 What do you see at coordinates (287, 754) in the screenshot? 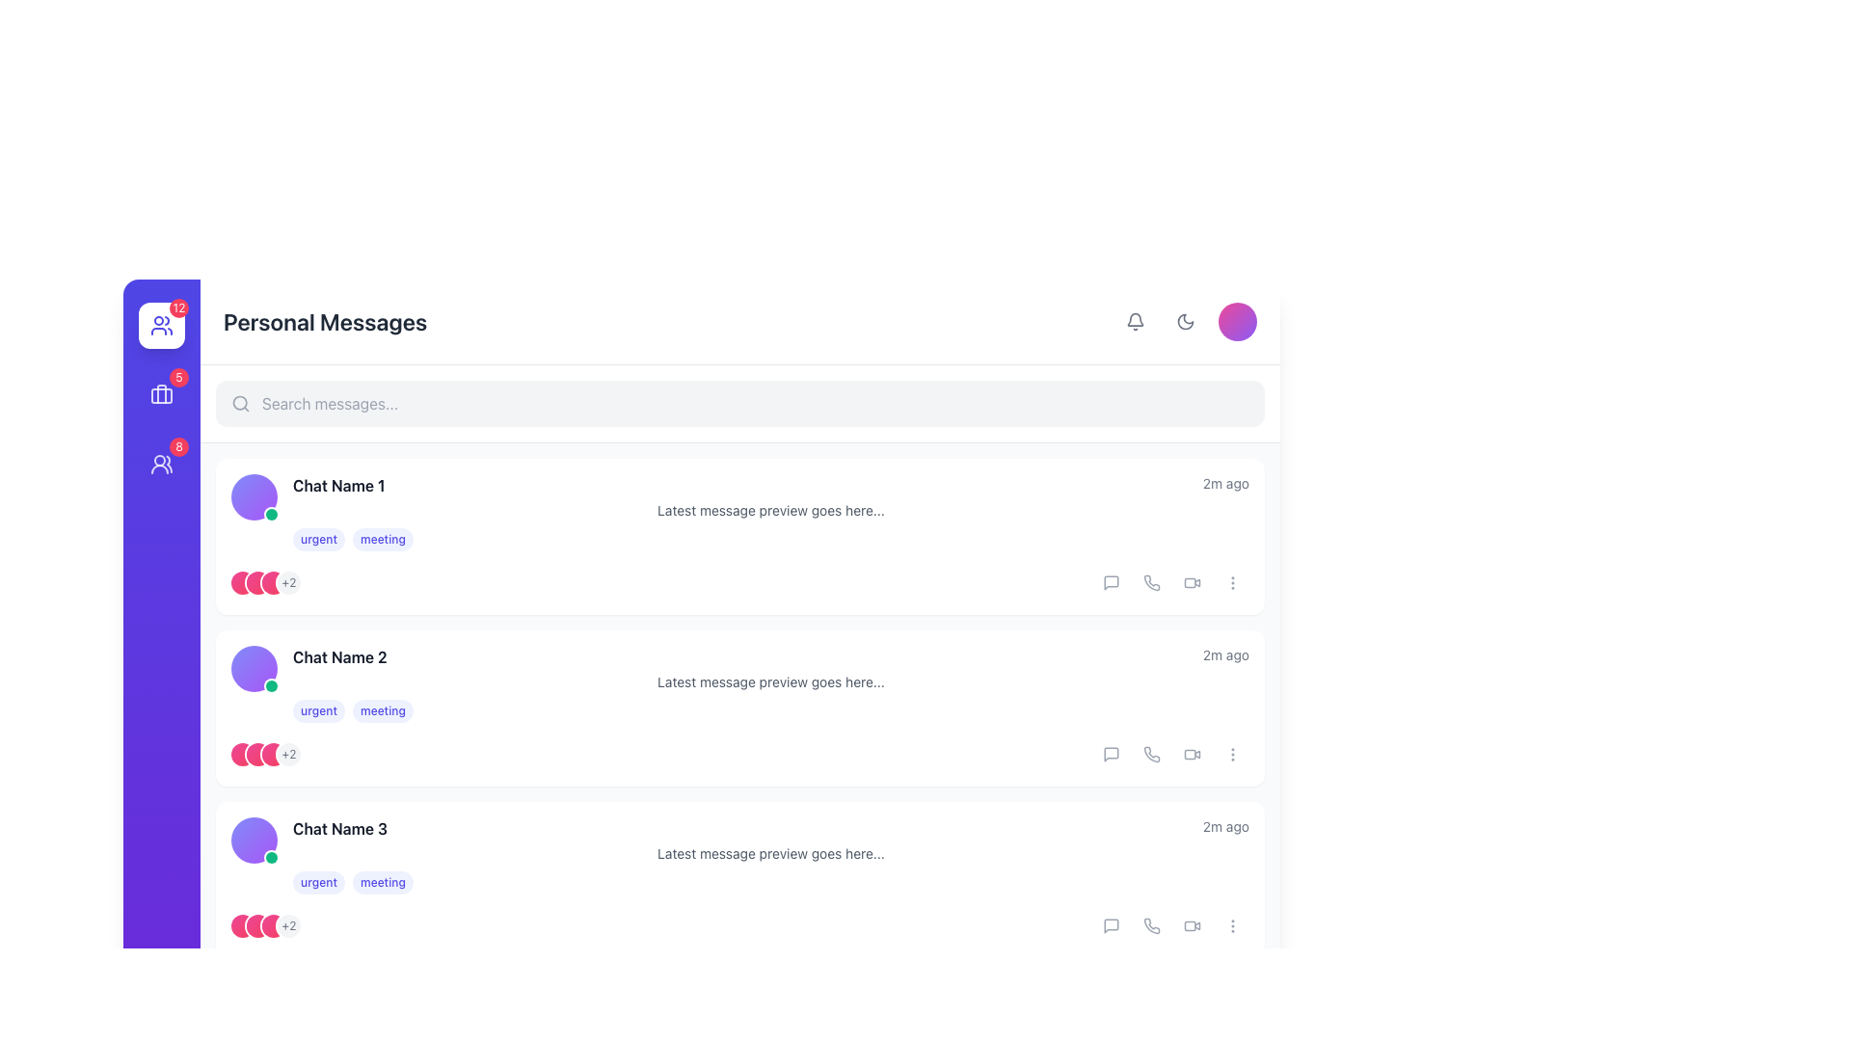
I see `the Counter badge that indicates additional members associated with the chat` at bounding box center [287, 754].